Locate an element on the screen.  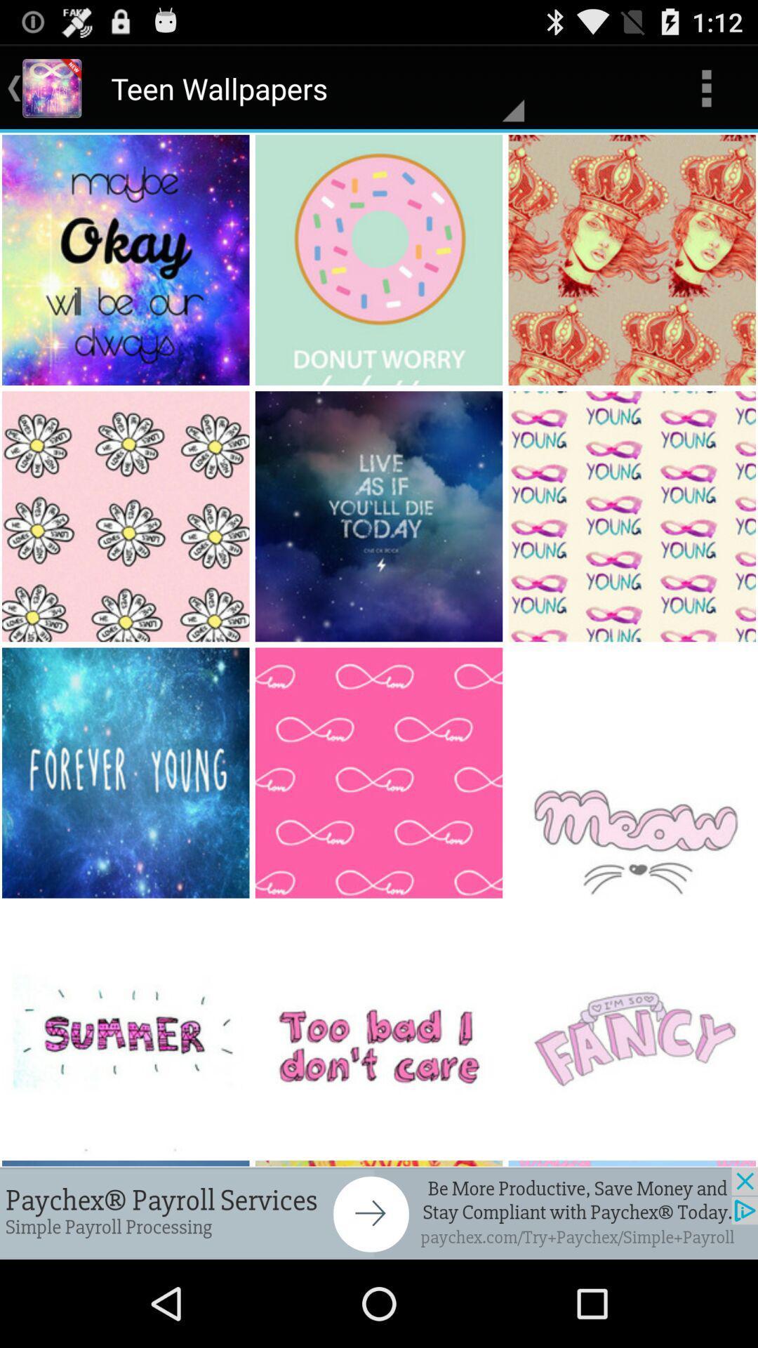
the image from bottom right corner is located at coordinates (633, 772).